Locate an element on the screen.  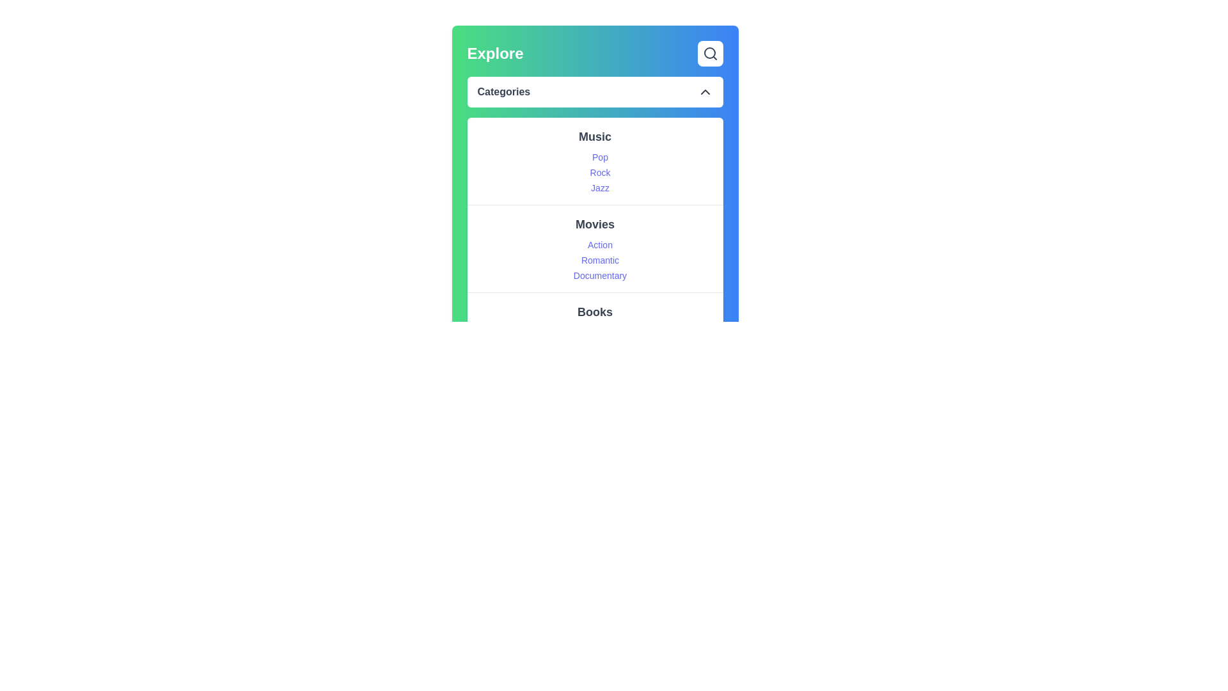
the indigo-colored text label reading 'Rock' in the vertical list under the 'Music' category is located at coordinates (599, 173).